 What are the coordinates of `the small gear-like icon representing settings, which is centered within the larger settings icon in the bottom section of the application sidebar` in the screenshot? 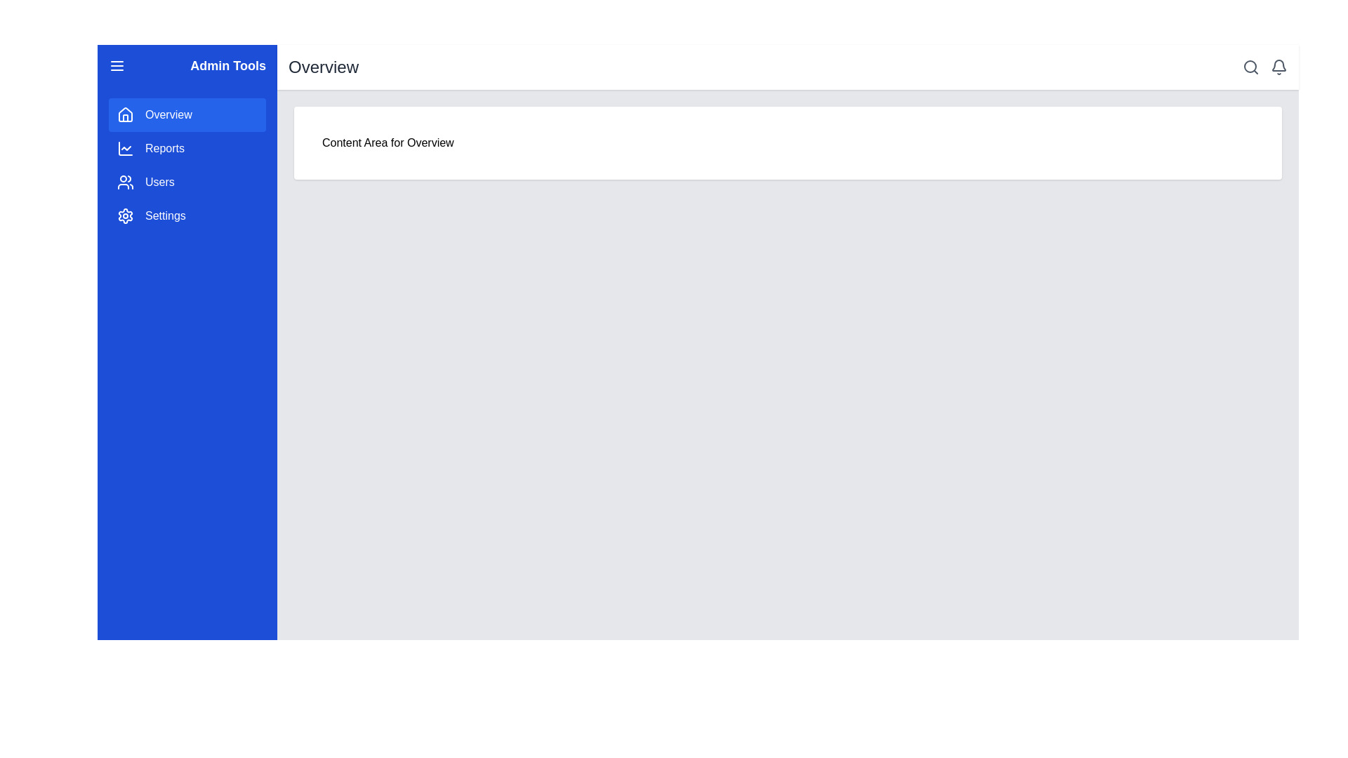 It's located at (125, 216).